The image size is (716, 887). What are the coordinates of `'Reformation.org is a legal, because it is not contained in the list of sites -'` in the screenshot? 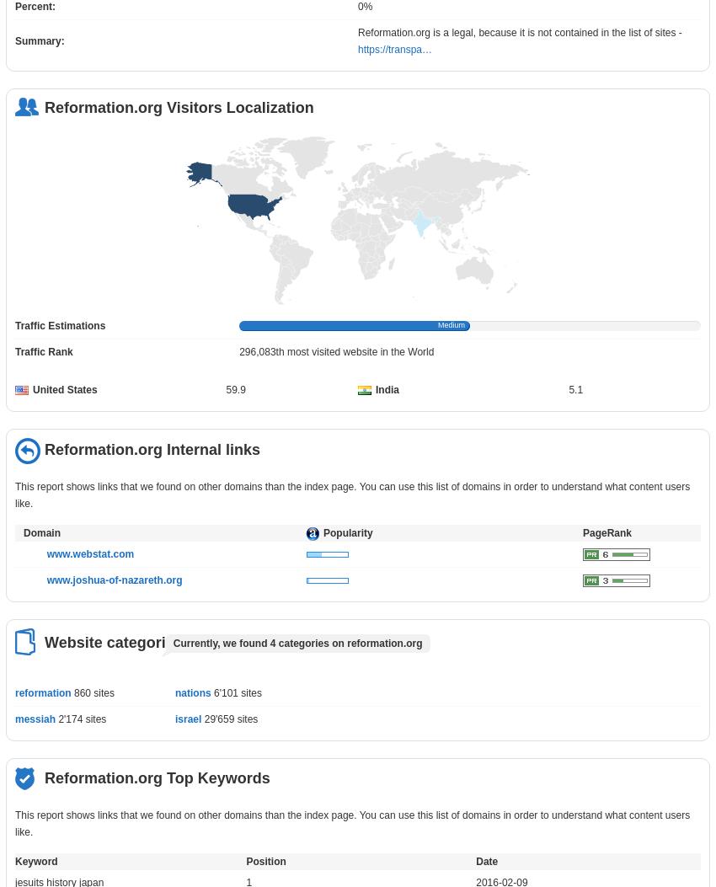 It's located at (519, 32).